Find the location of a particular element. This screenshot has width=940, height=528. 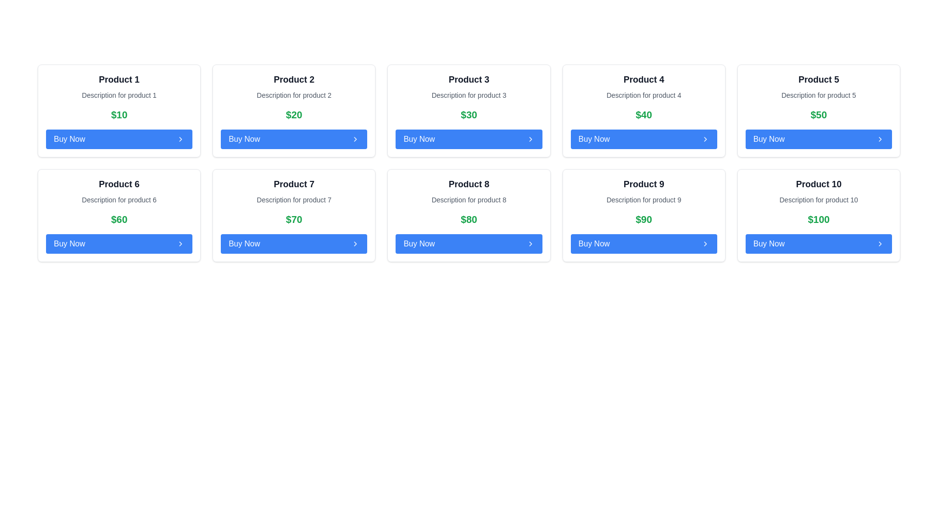

the icon inside the blue 'Buy Now' button in the 'Product 5' card located in the top row, fifth column of the grid layout is located at coordinates (705, 139).